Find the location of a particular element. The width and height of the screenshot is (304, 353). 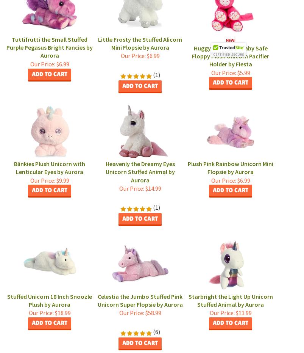

'Heavenly the Dreamy Eyes Unicorn Stuffed Animal by Aurora' is located at coordinates (140, 171).